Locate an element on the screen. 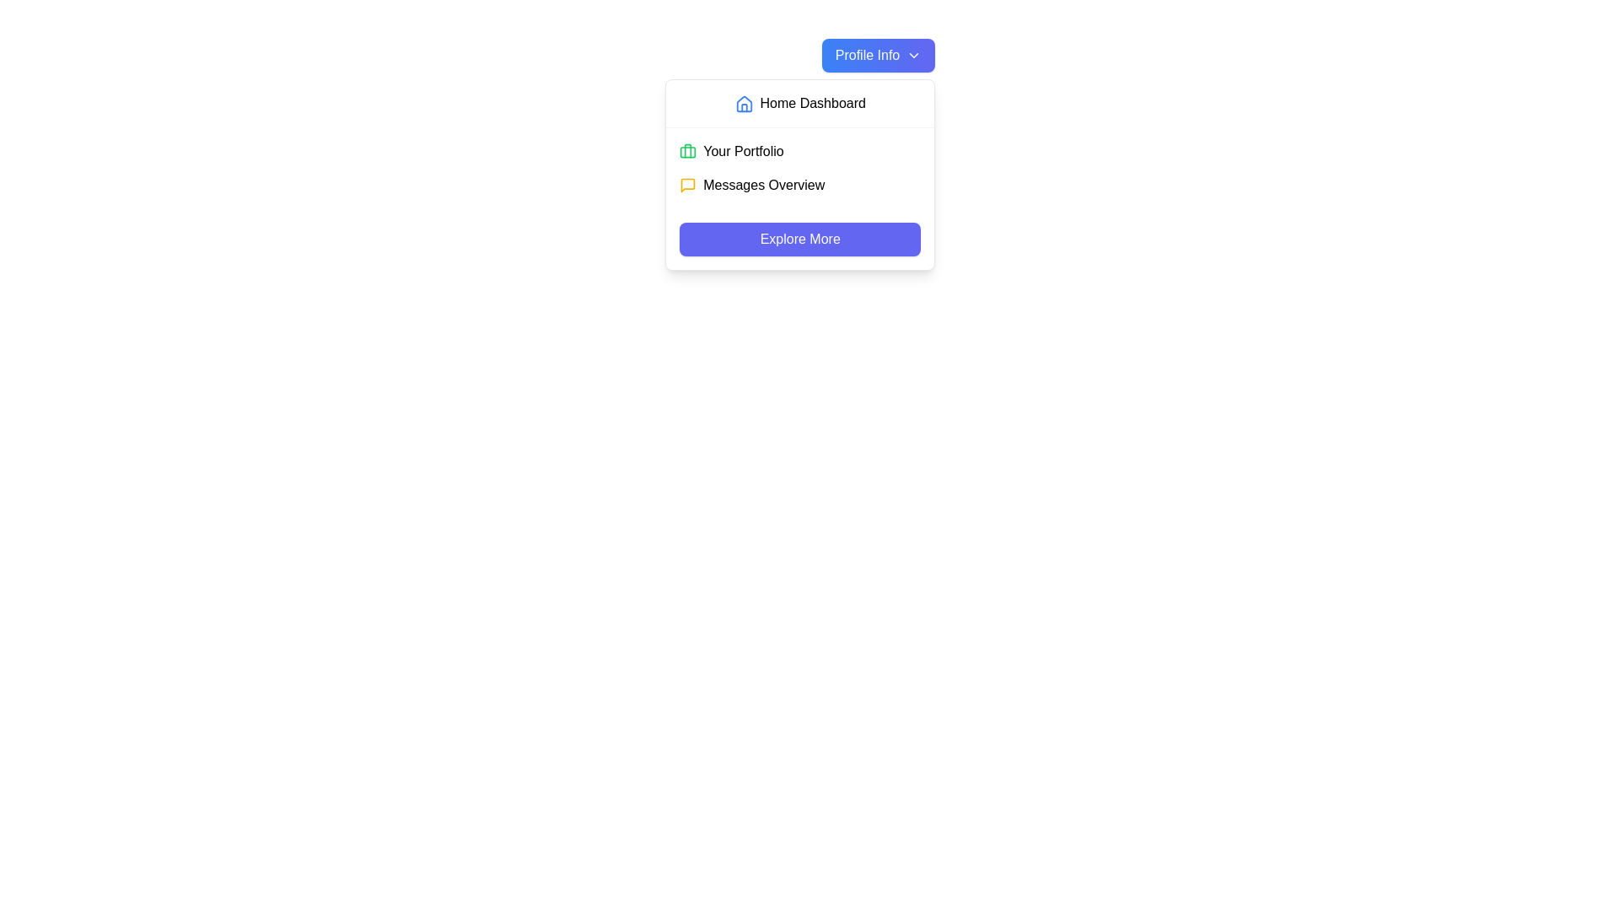  the 'Messages Overview' text label in the dropdown menu is located at coordinates (763, 185).